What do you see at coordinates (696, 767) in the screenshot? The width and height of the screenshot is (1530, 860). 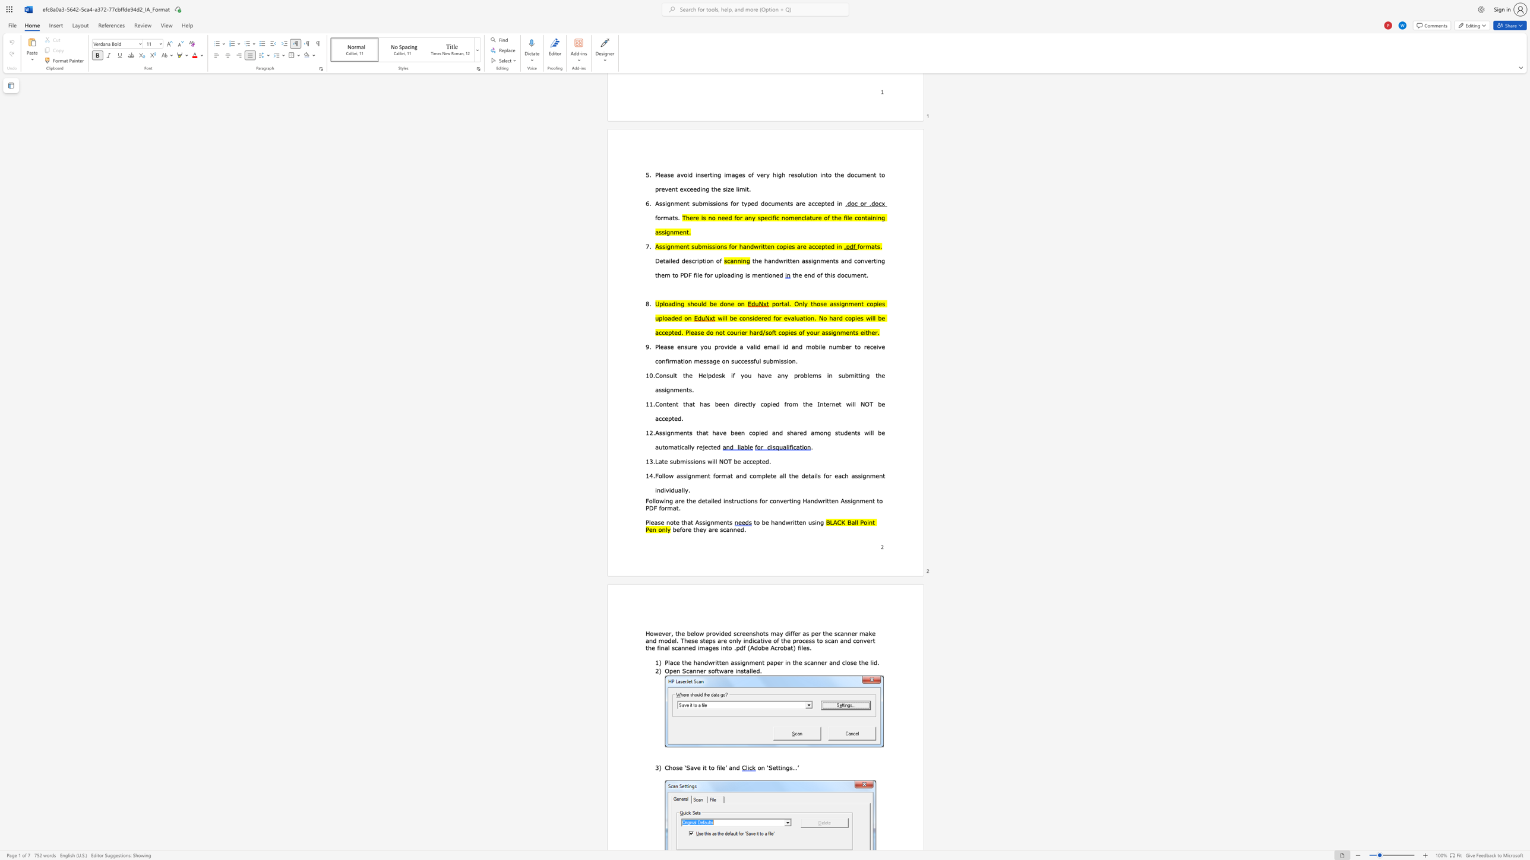 I see `the subset text "e it to file’ and" within the text "Chose ‘Save it to file’ and"` at bounding box center [696, 767].